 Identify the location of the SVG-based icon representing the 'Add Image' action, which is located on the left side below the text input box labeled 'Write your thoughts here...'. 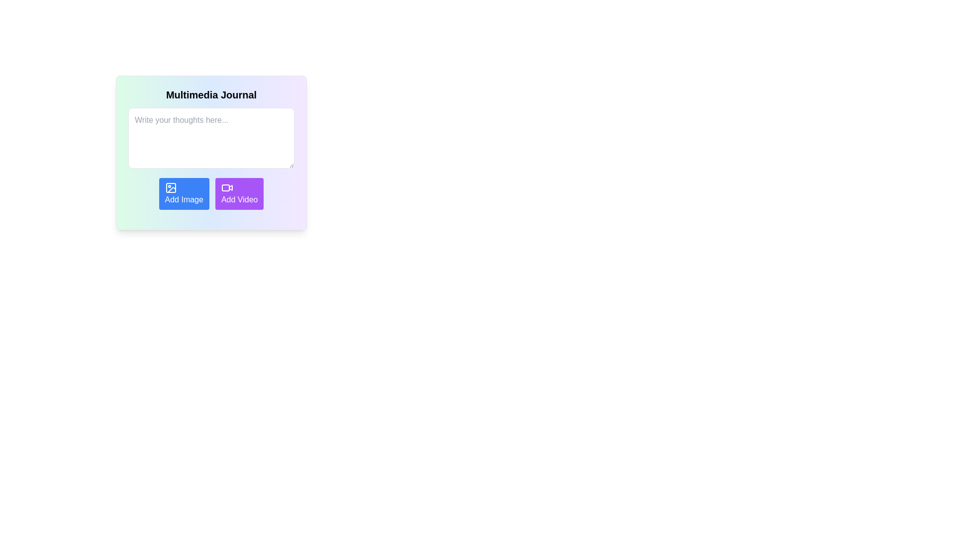
(171, 188).